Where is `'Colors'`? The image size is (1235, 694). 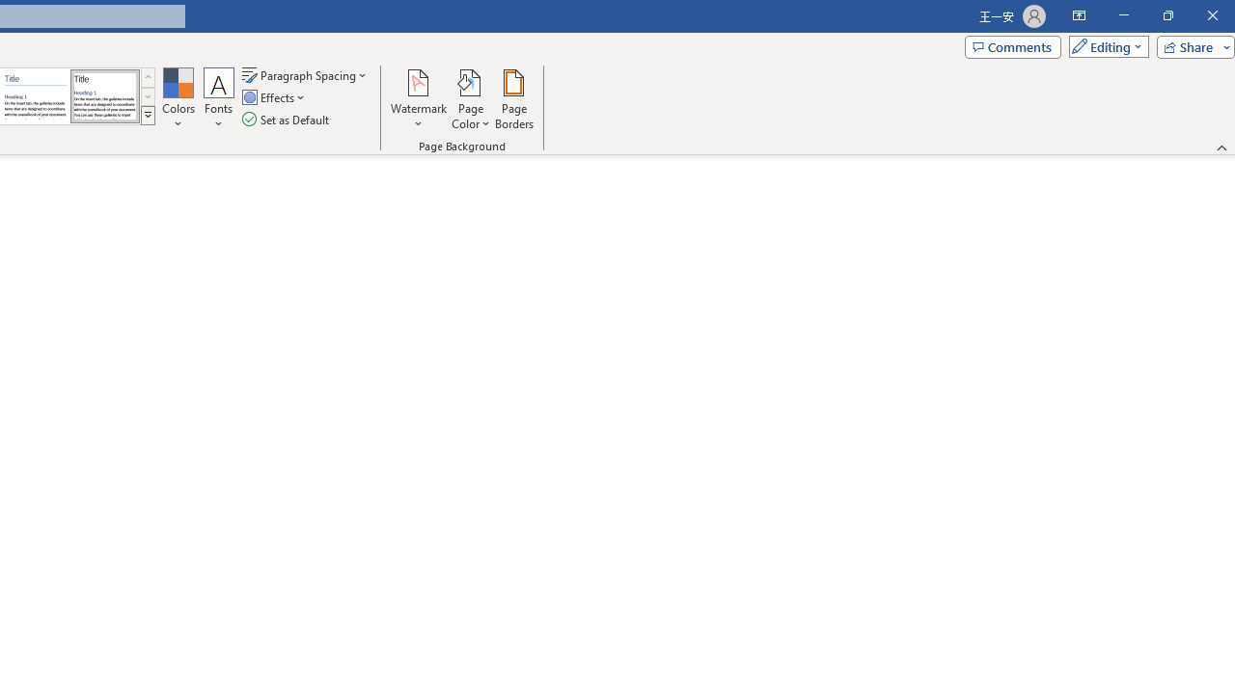
'Colors' is located at coordinates (178, 99).